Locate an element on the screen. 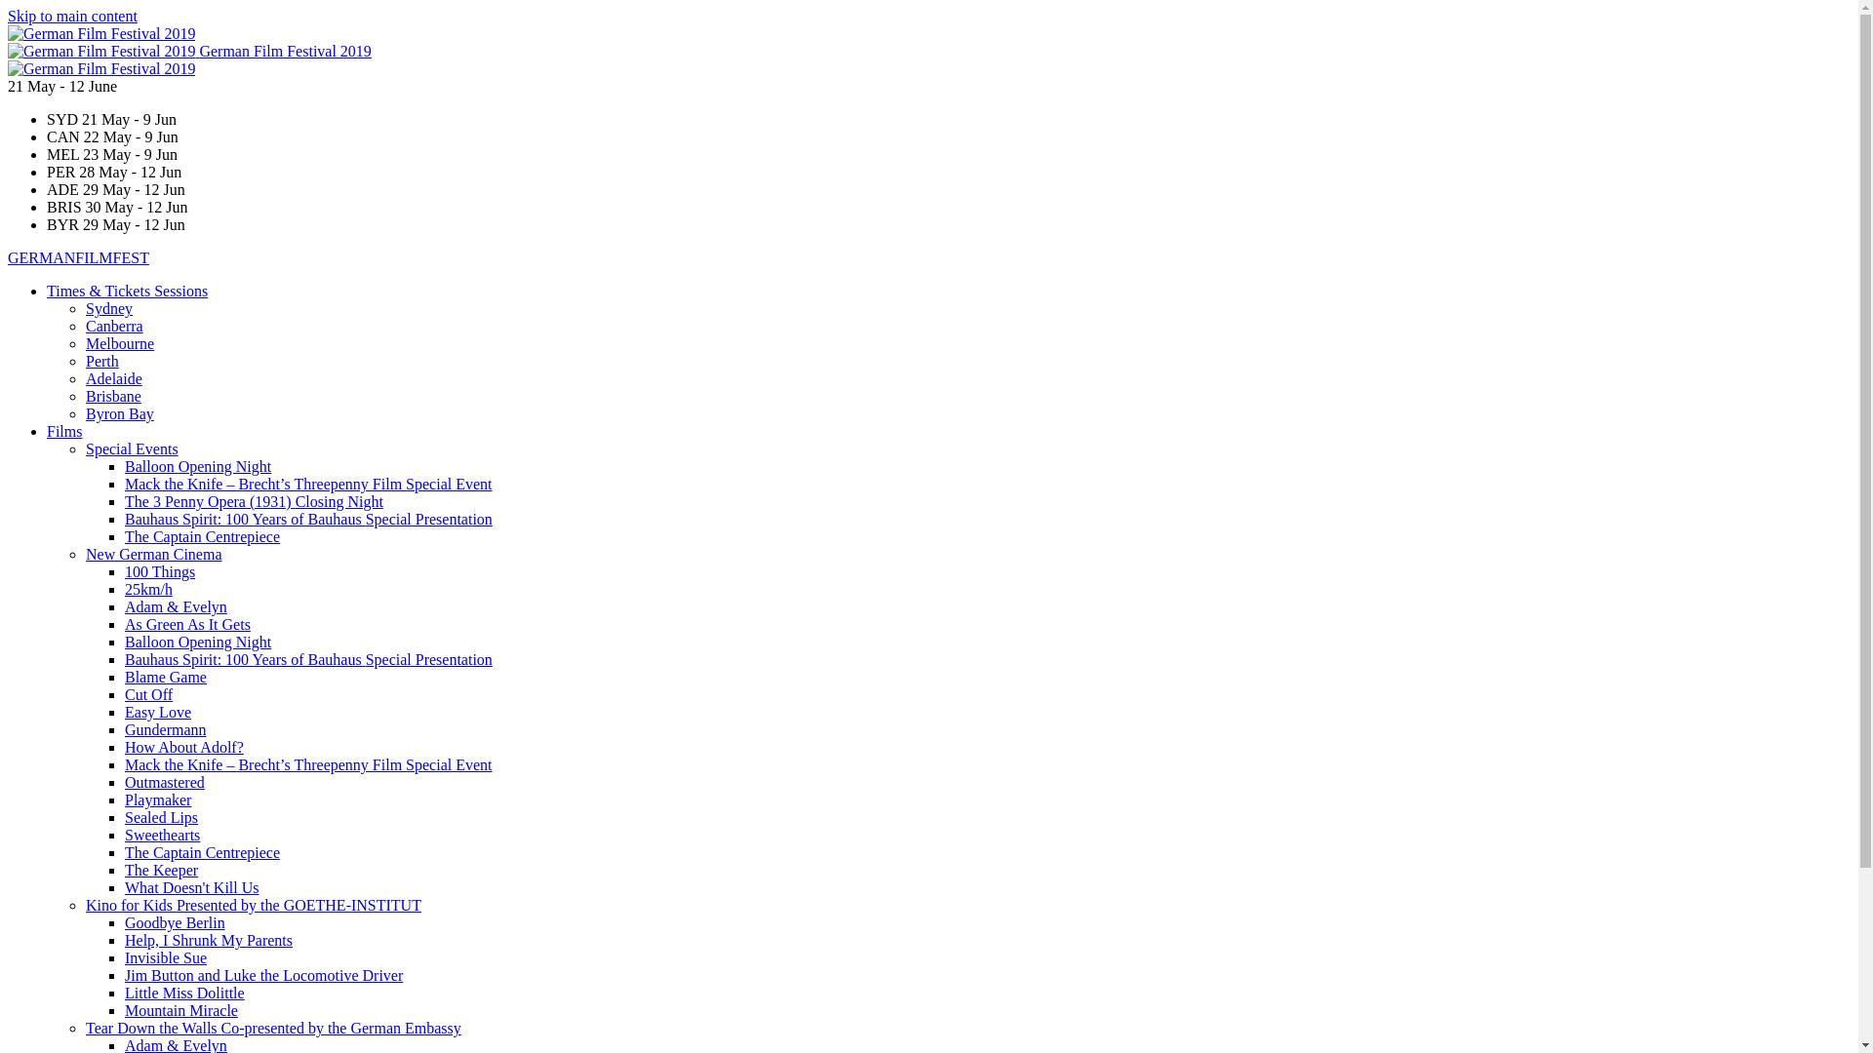 This screenshot has width=1873, height=1053. 'Gundermann' is located at coordinates (165, 729).